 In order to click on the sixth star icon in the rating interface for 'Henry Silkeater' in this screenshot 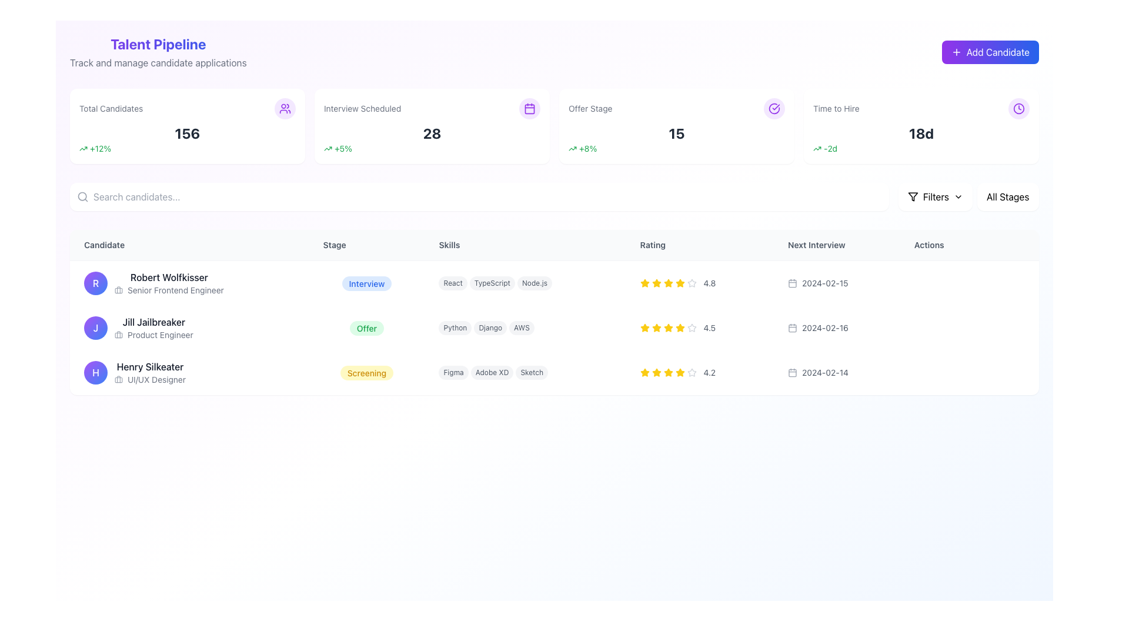, I will do `click(692, 372)`.